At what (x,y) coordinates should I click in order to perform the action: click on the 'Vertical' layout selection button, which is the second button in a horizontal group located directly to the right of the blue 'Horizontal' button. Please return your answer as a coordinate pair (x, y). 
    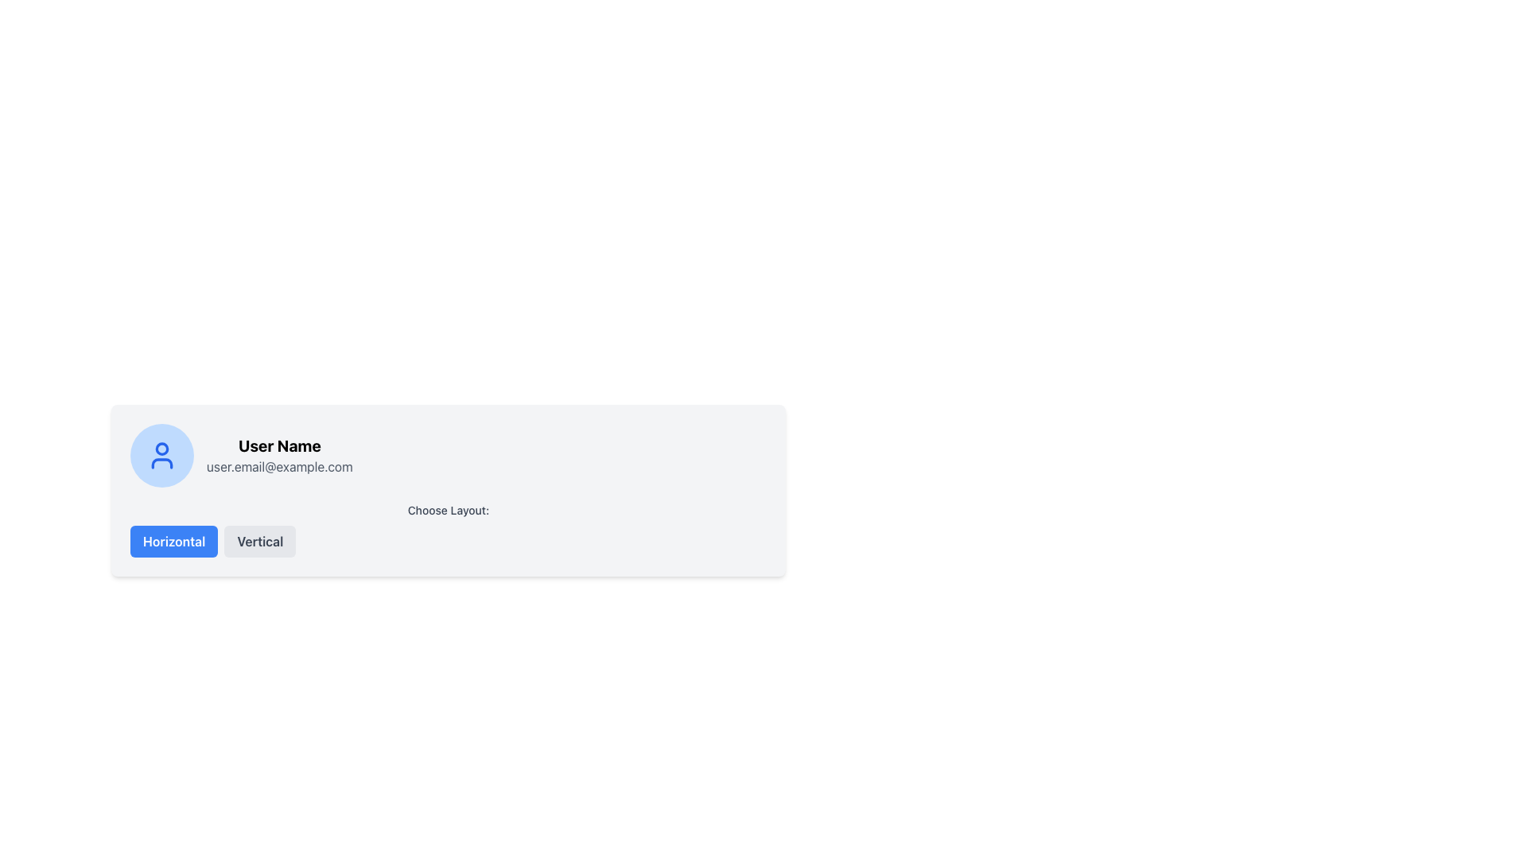
    Looking at the image, I should click on (260, 541).